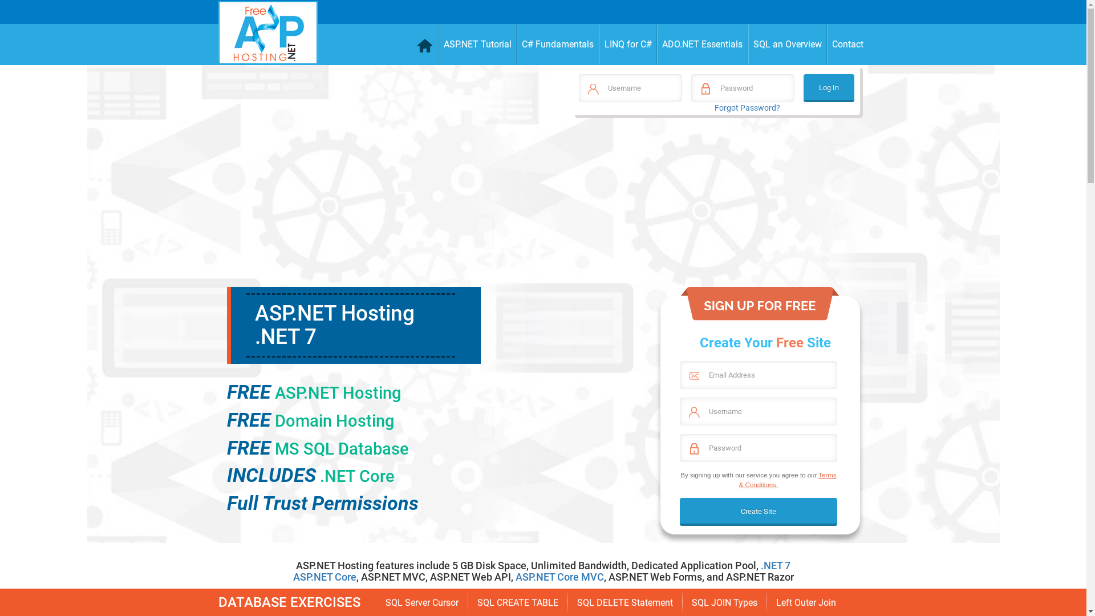 Image resolution: width=1095 pixels, height=616 pixels. Describe the element at coordinates (775, 565) in the screenshot. I see `'.NET 7'` at that location.